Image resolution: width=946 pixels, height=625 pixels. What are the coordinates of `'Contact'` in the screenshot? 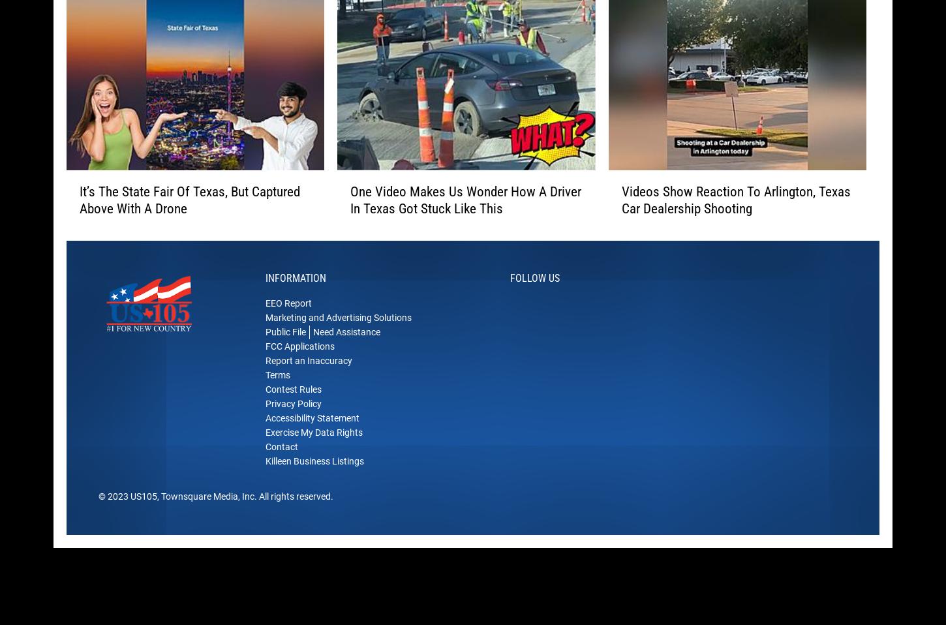 It's located at (281, 466).